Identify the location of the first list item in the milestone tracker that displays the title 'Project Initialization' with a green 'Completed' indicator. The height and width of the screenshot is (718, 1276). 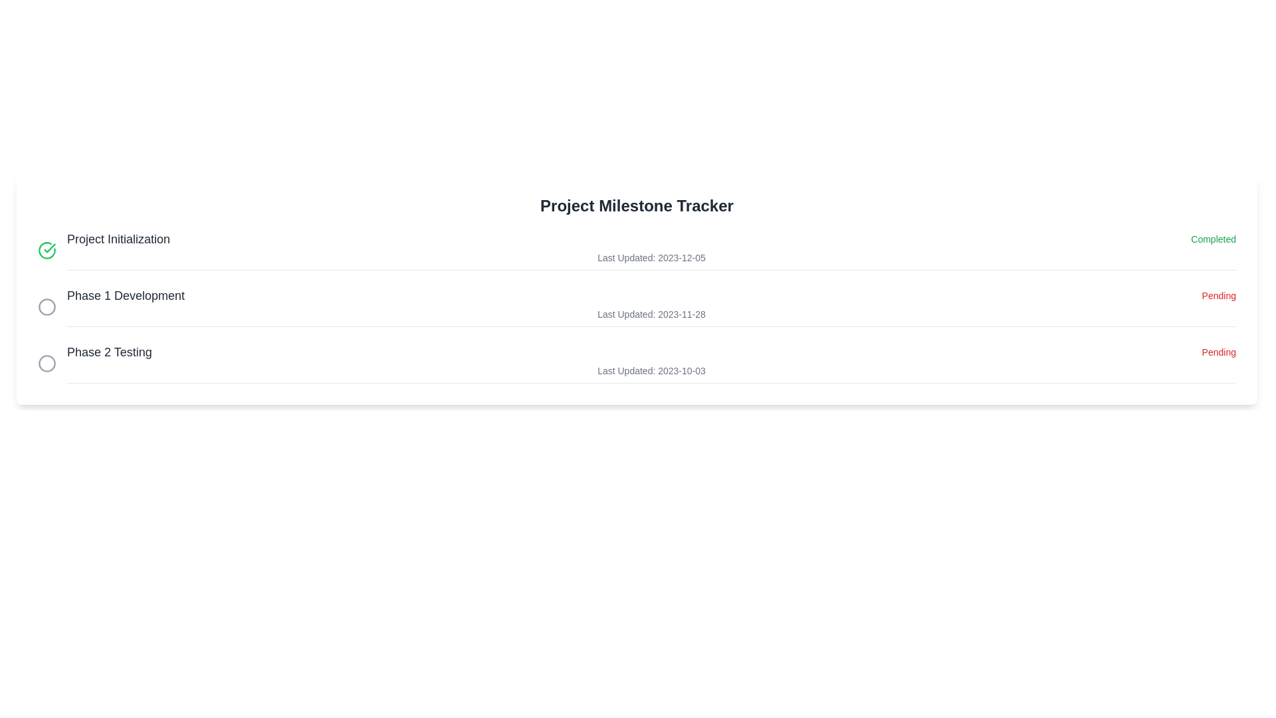
(651, 250).